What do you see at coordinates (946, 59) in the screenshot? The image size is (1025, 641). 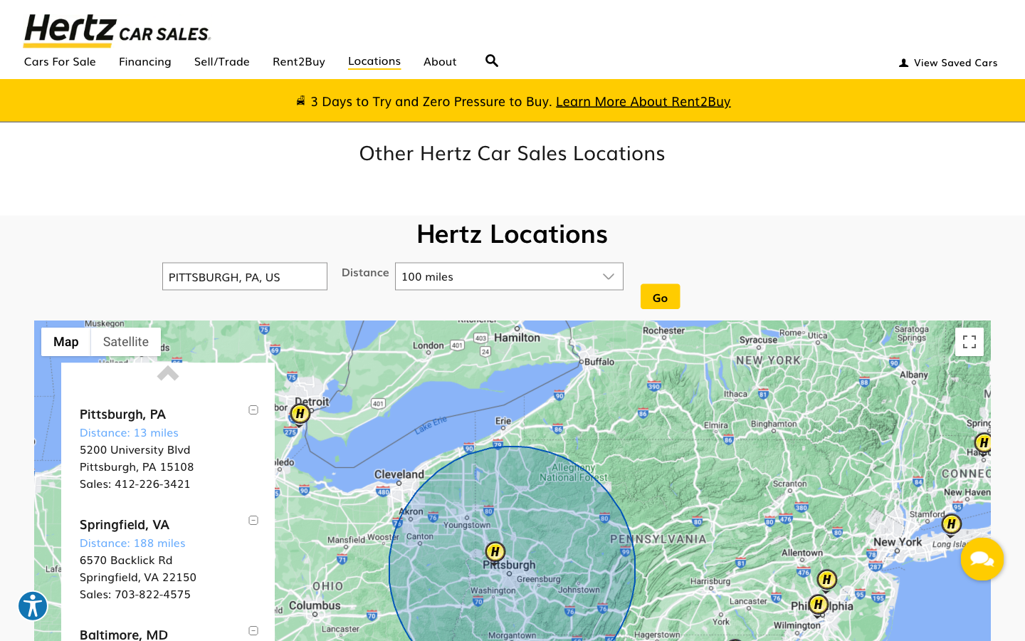 I see `Go to "View Saved Cars", key in "andrew@cmu.edu" and "andrew" for login details` at bounding box center [946, 59].